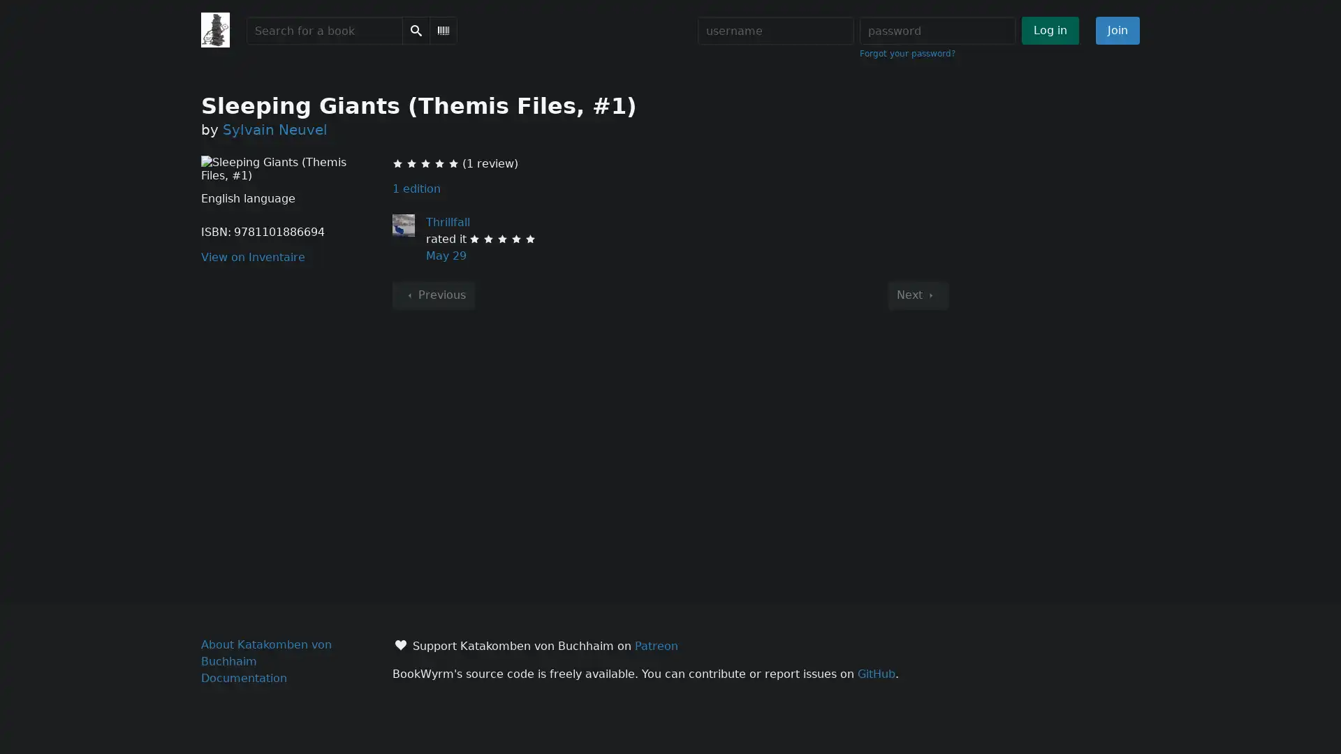 The image size is (1341, 754). Describe the element at coordinates (415, 30) in the screenshot. I see `Search` at that location.